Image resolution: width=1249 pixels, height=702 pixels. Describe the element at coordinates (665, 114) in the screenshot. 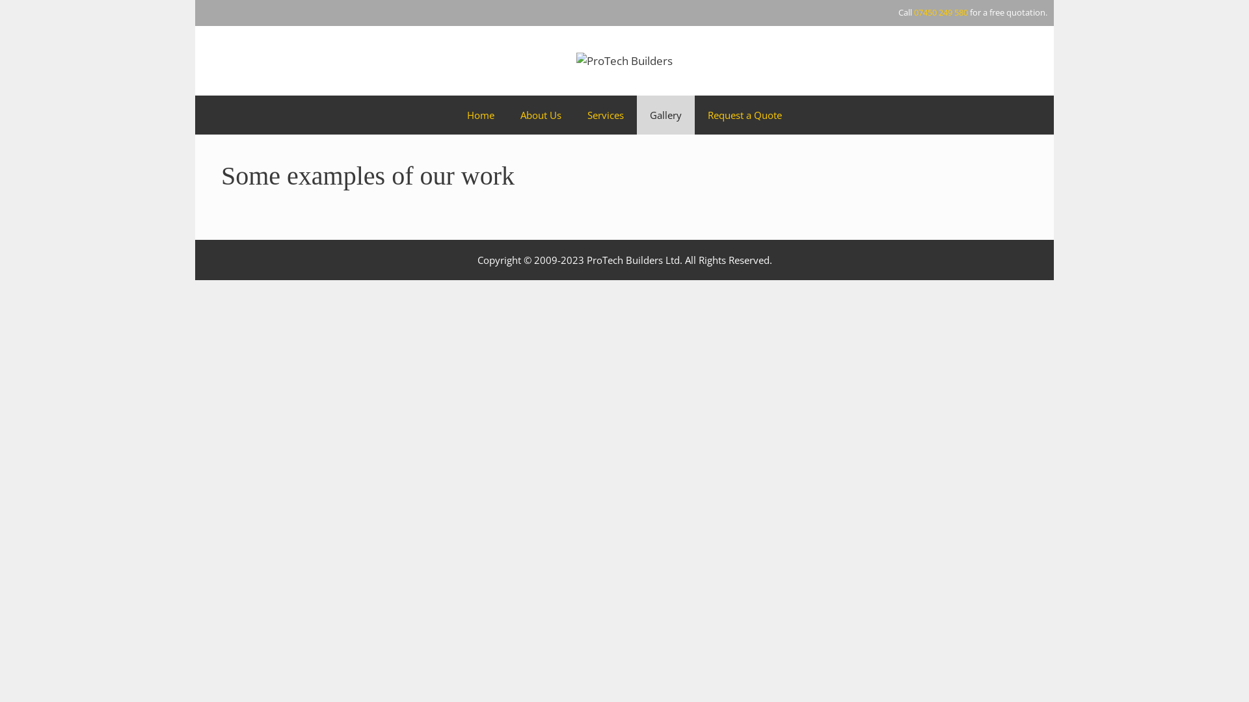

I see `'Gallery'` at that location.